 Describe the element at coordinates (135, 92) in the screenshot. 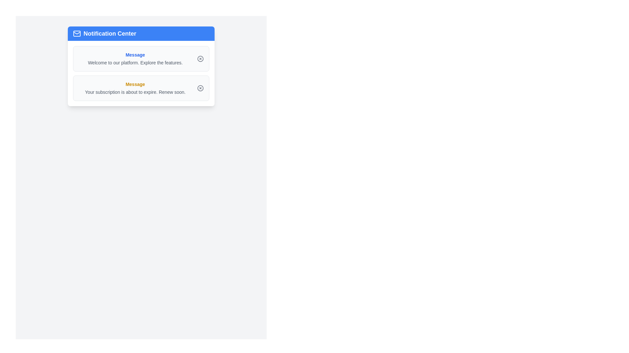

I see `text-based notification message that reads 'Your subscription is about to expire. Renew soon.' located below the title 'Message' in yellow within the Notification Center` at that location.